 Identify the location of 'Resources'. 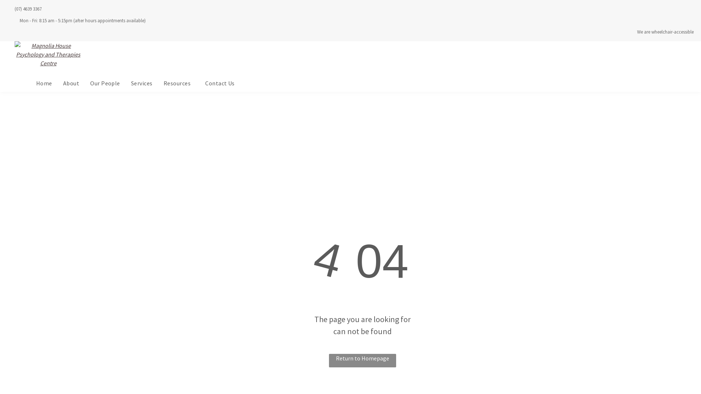
(179, 82).